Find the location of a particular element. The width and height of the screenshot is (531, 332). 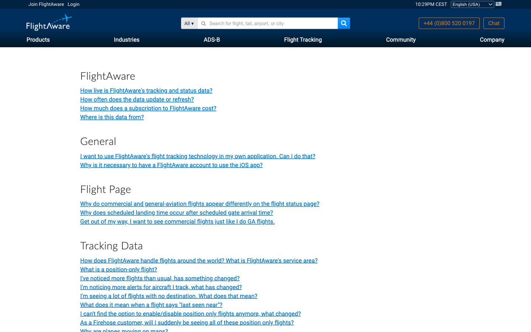

Ascertain how frequently FlightAware refreshes their data is located at coordinates (136, 99).